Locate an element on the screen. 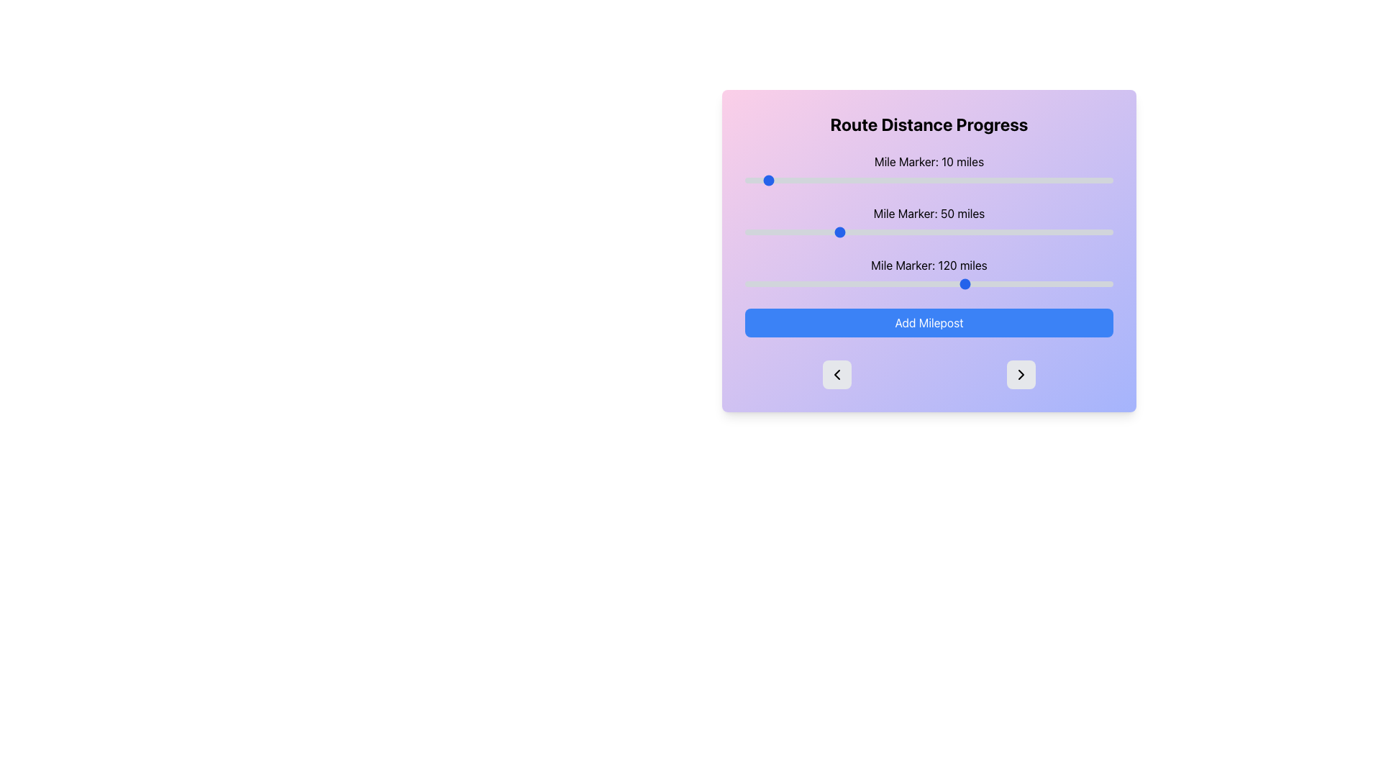 The width and height of the screenshot is (1381, 777). the mile marker is located at coordinates (998, 283).